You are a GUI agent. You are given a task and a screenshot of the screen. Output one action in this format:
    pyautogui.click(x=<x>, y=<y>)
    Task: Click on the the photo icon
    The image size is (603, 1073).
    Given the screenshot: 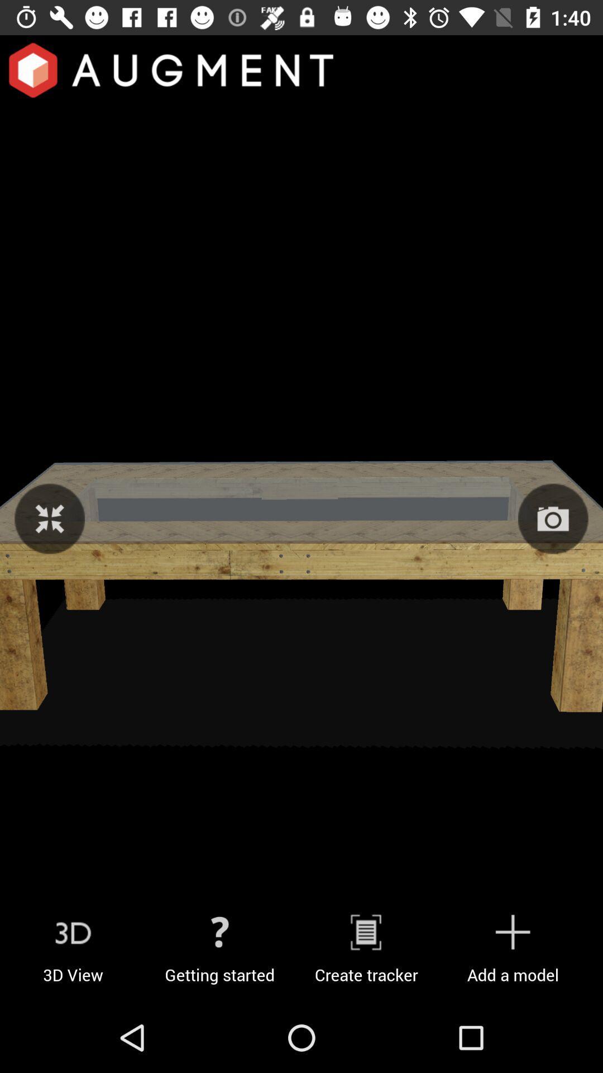 What is the action you would take?
    pyautogui.click(x=553, y=518)
    